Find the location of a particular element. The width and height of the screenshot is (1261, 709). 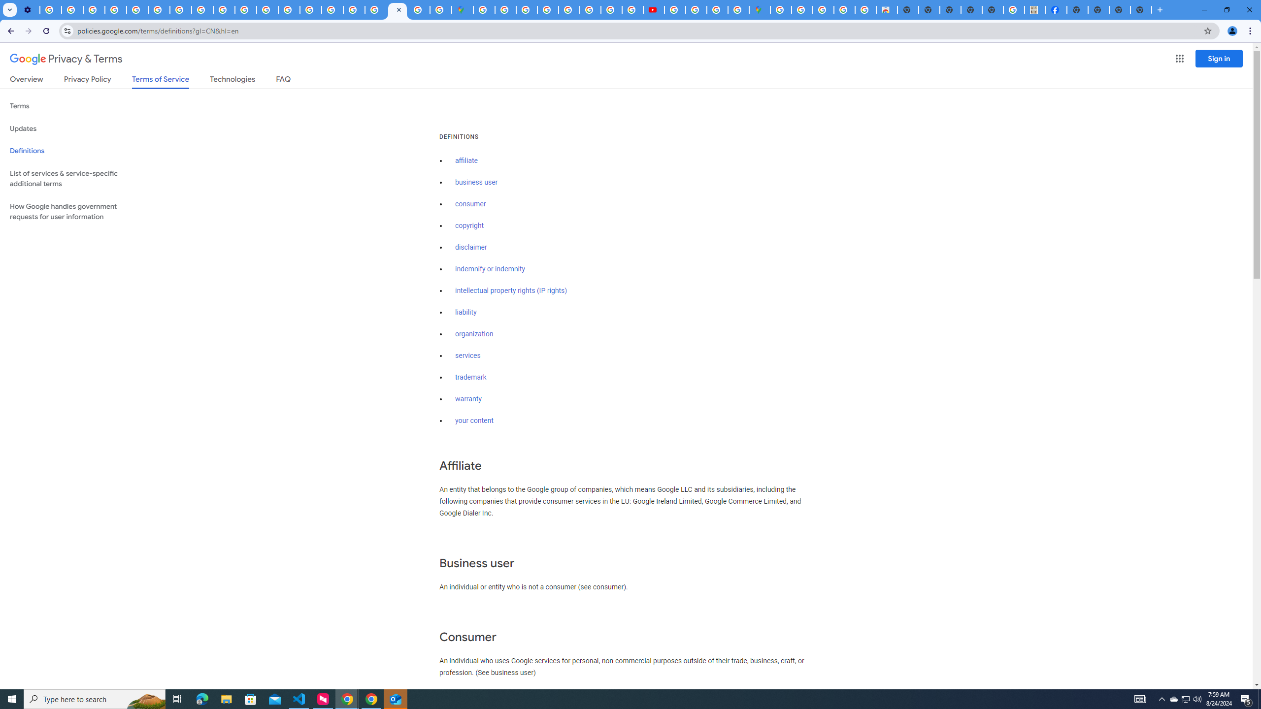

'liability' is located at coordinates (465, 313).